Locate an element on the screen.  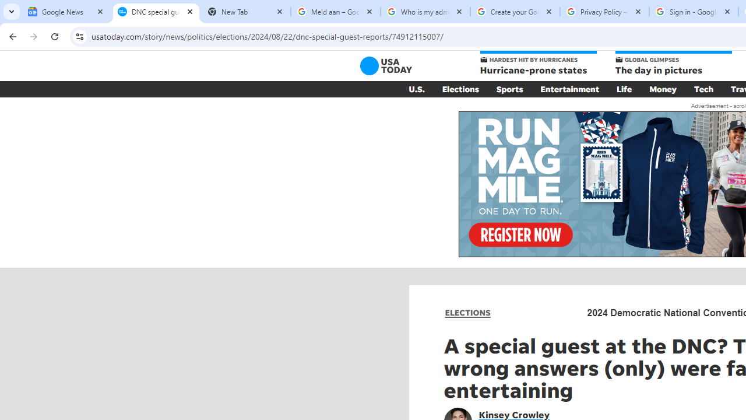
'View site information' is located at coordinates (79, 36).